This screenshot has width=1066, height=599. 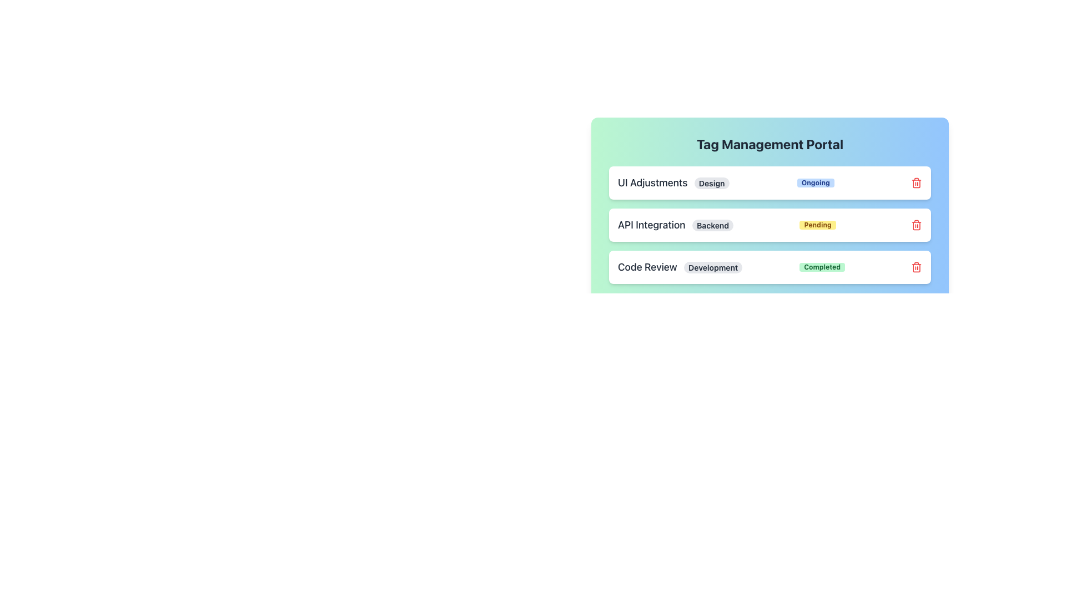 I want to click on the Text Label that identifies the 'UI Adjustments' task, located in the top section of the interface under 'Tag Management Portal', so click(x=673, y=182).